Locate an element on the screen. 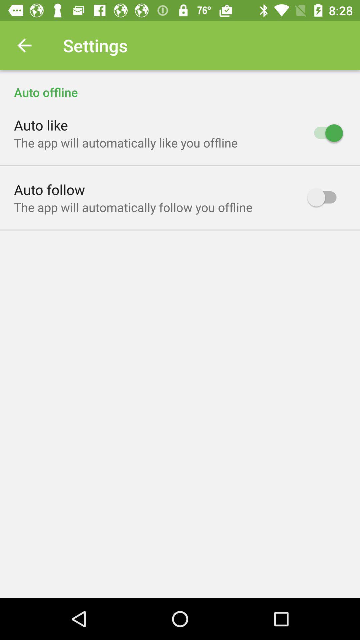 The width and height of the screenshot is (360, 640). the auto offline is located at coordinates (180, 85).